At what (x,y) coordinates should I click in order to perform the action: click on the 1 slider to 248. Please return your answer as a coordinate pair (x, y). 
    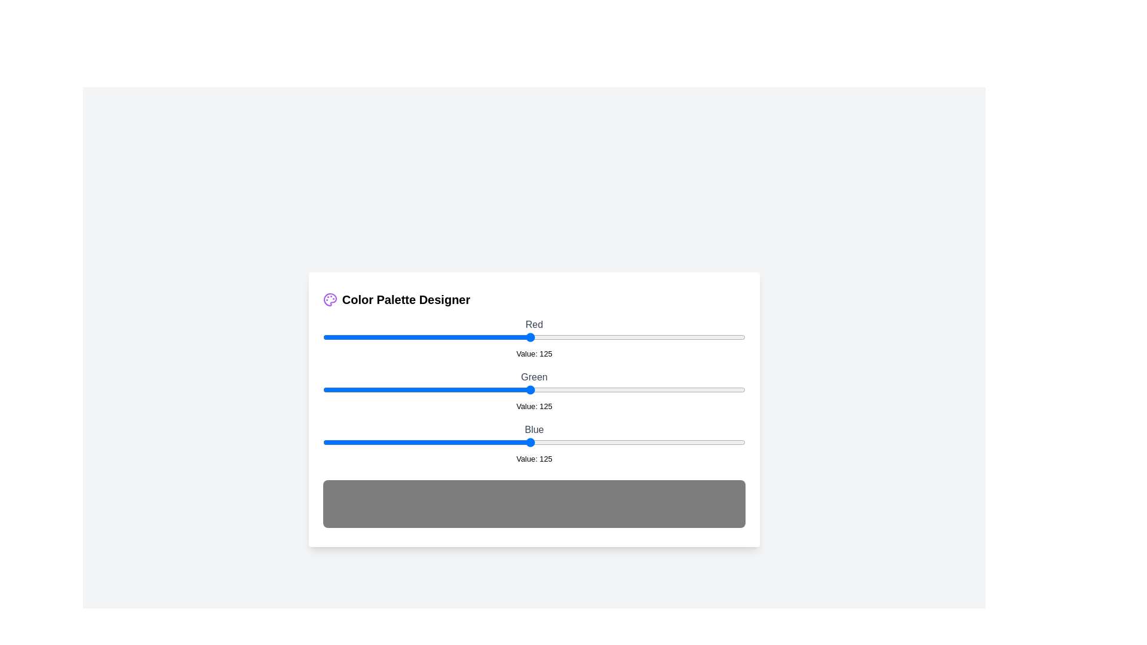
    Looking at the image, I should click on (733, 389).